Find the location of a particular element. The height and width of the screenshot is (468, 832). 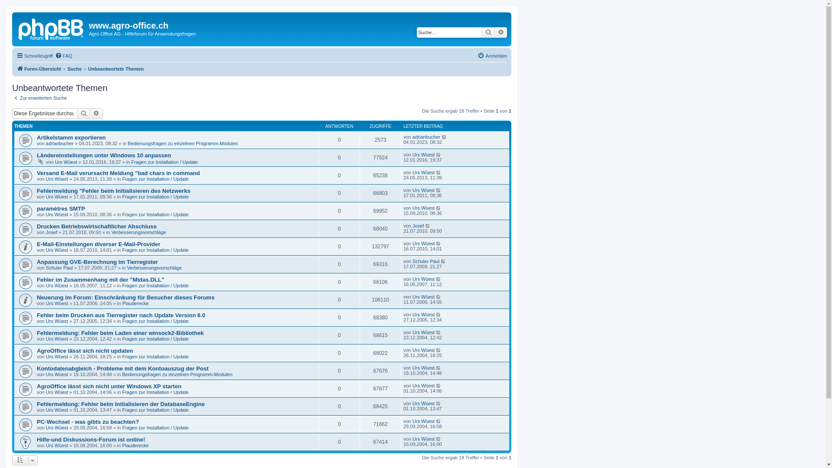

'Gehe zum letzten Beitrag' is located at coordinates (439, 154).